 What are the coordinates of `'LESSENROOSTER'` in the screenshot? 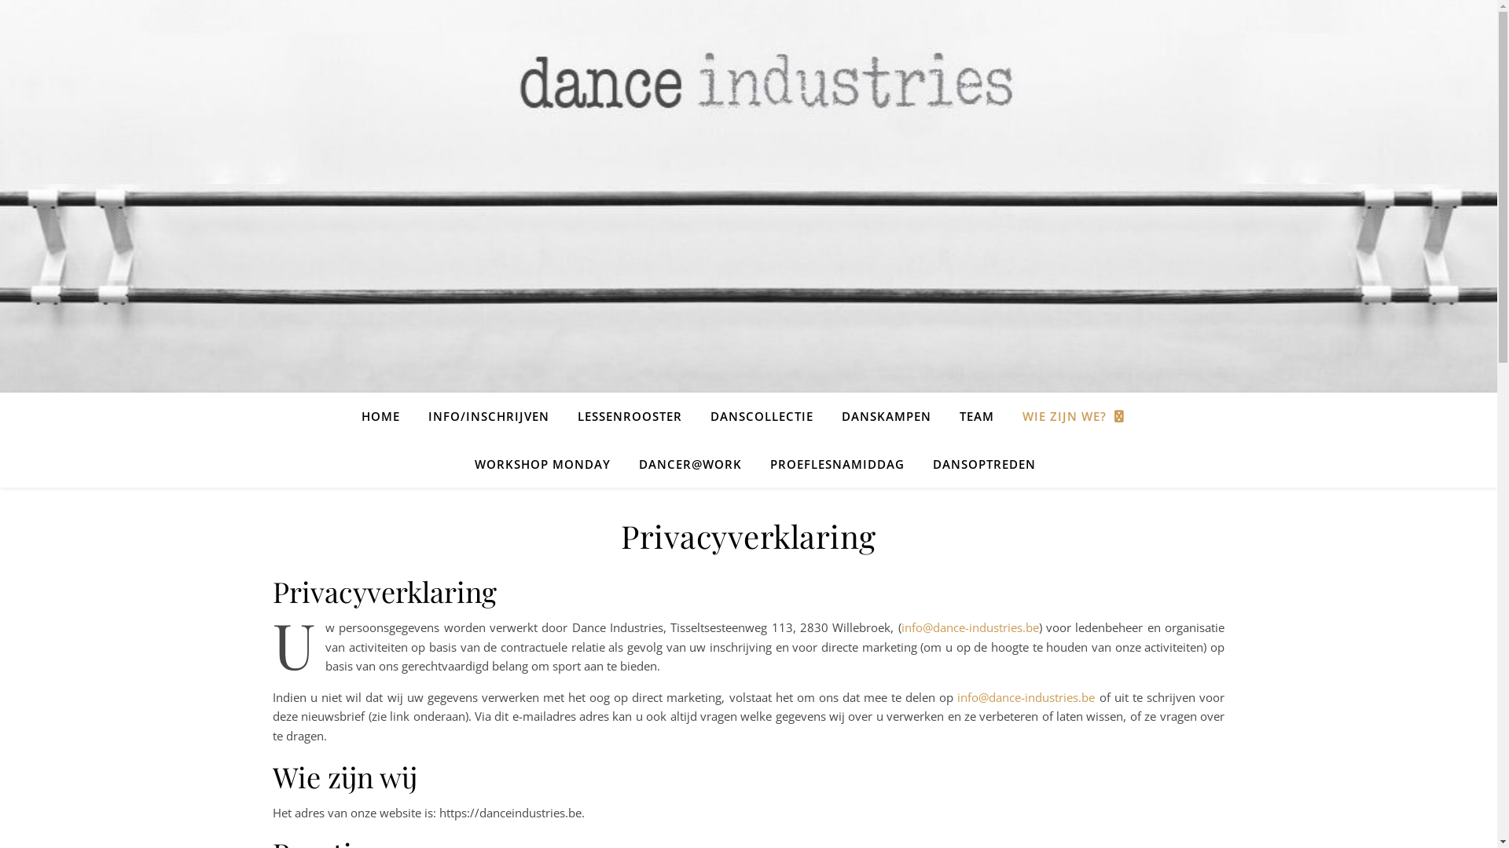 It's located at (629, 415).